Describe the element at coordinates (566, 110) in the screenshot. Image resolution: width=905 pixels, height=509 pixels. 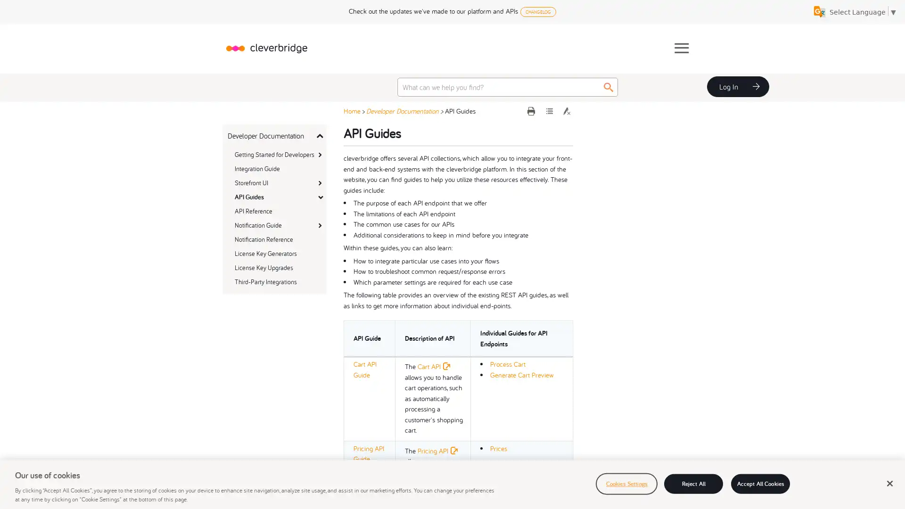
I see `Remove Highlights` at that location.